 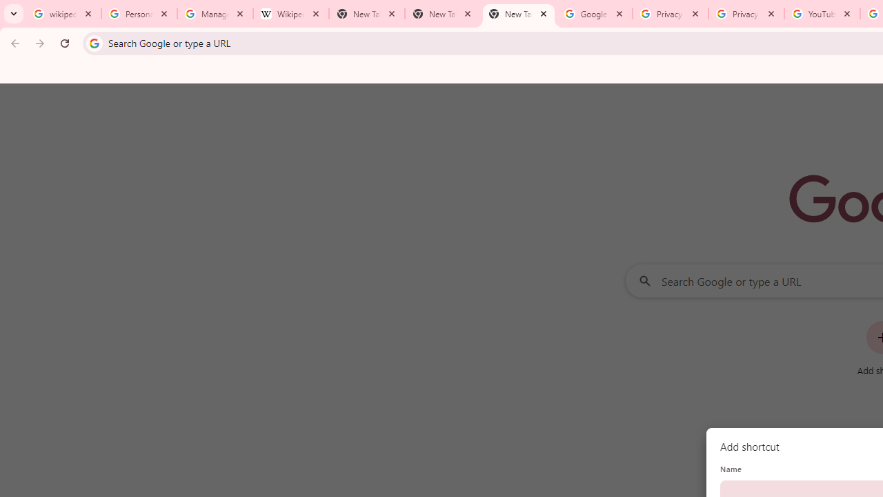 What do you see at coordinates (518, 14) in the screenshot?
I see `'New Tab'` at bounding box center [518, 14].